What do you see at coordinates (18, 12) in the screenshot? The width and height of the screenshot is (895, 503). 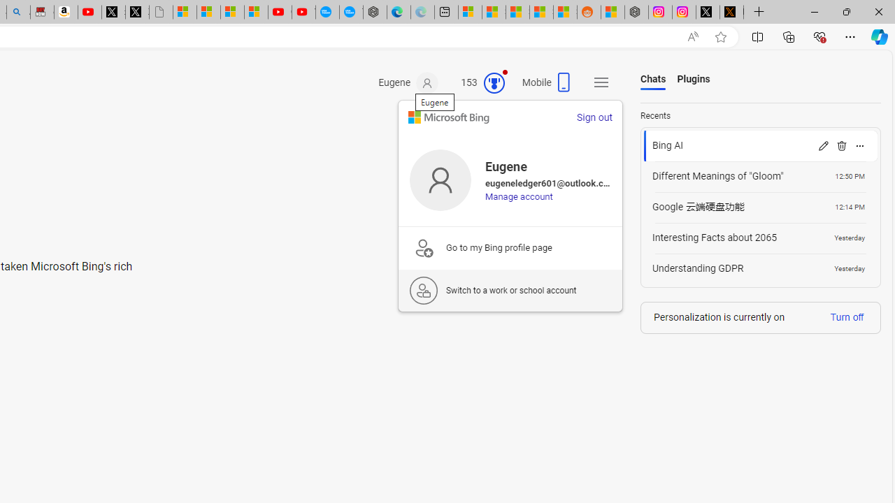 I see `'Amazon Echo Dot PNG - Search Images'` at bounding box center [18, 12].